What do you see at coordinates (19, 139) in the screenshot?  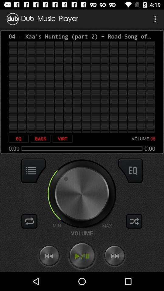 I see `eq   item` at bounding box center [19, 139].